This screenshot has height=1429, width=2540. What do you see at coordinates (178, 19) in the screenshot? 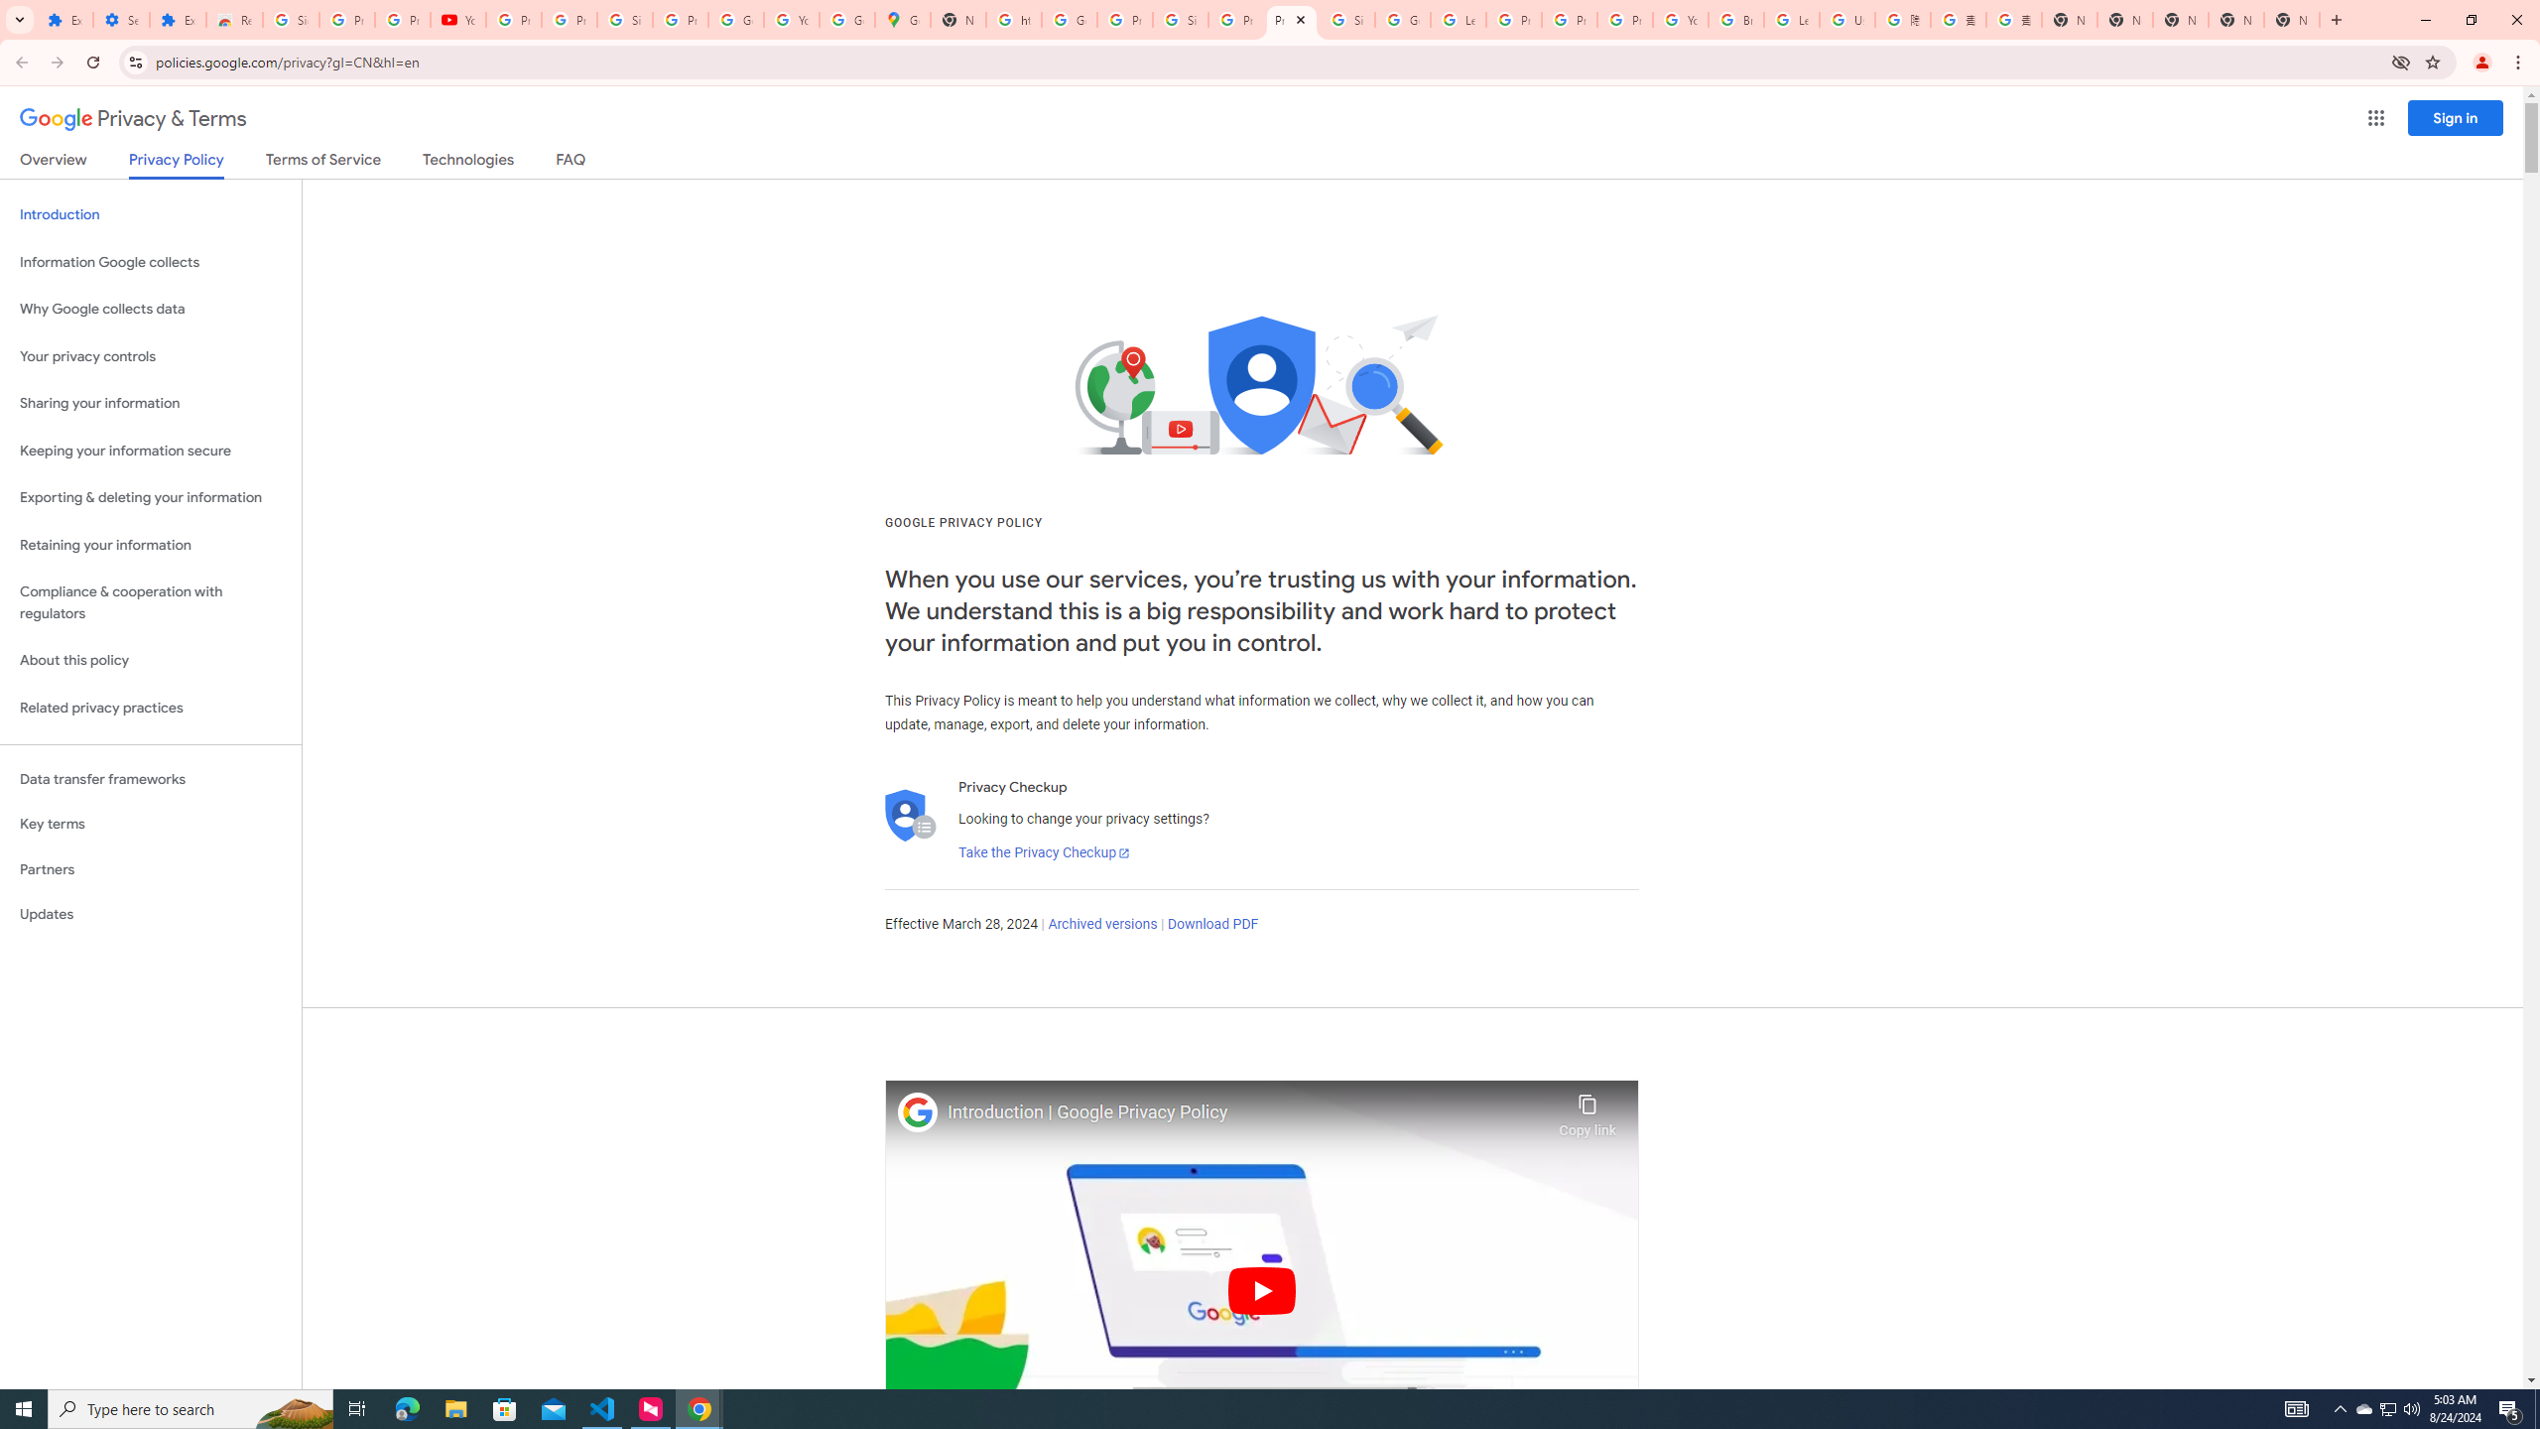
I see `'Extensions'` at bounding box center [178, 19].